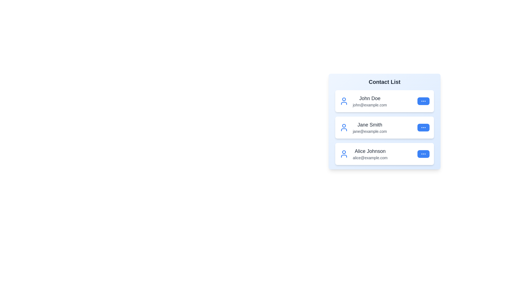 This screenshot has width=528, height=297. I want to click on the contact entry for Alice Johnson, so click(384, 154).